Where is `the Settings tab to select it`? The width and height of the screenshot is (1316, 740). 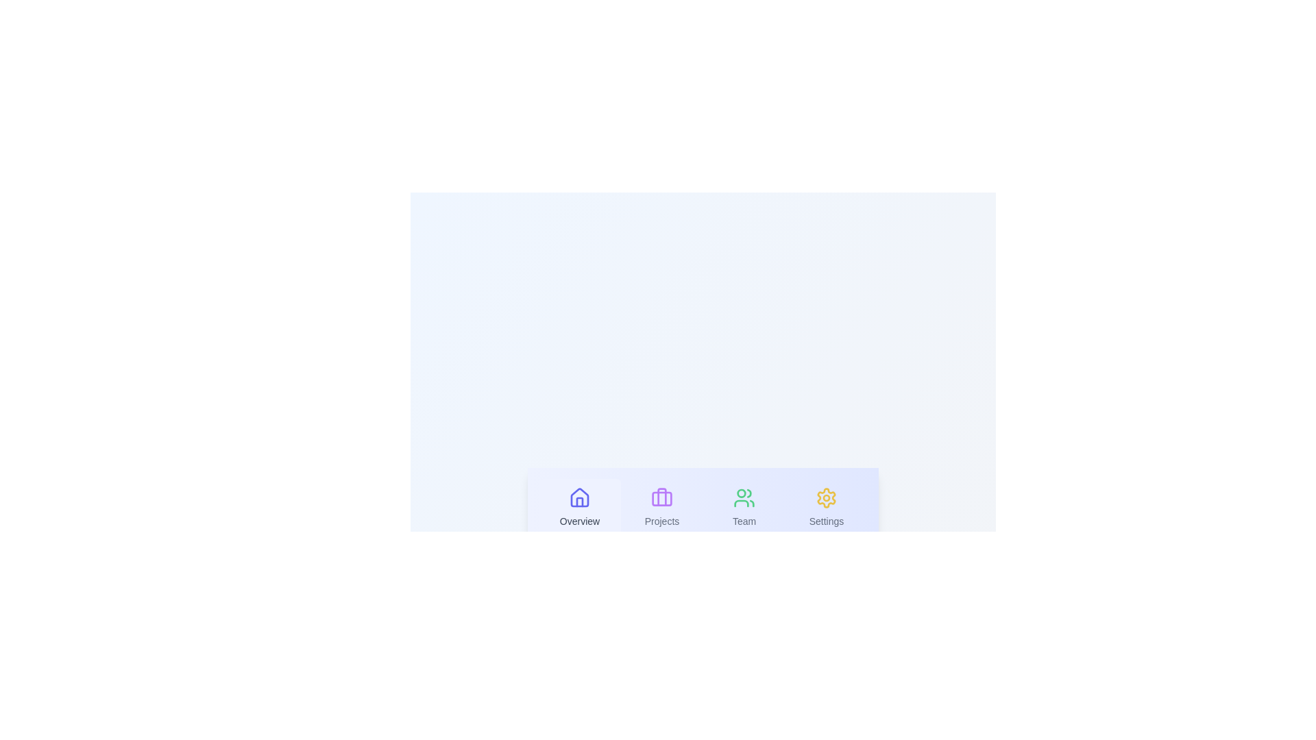 the Settings tab to select it is located at coordinates (825, 508).